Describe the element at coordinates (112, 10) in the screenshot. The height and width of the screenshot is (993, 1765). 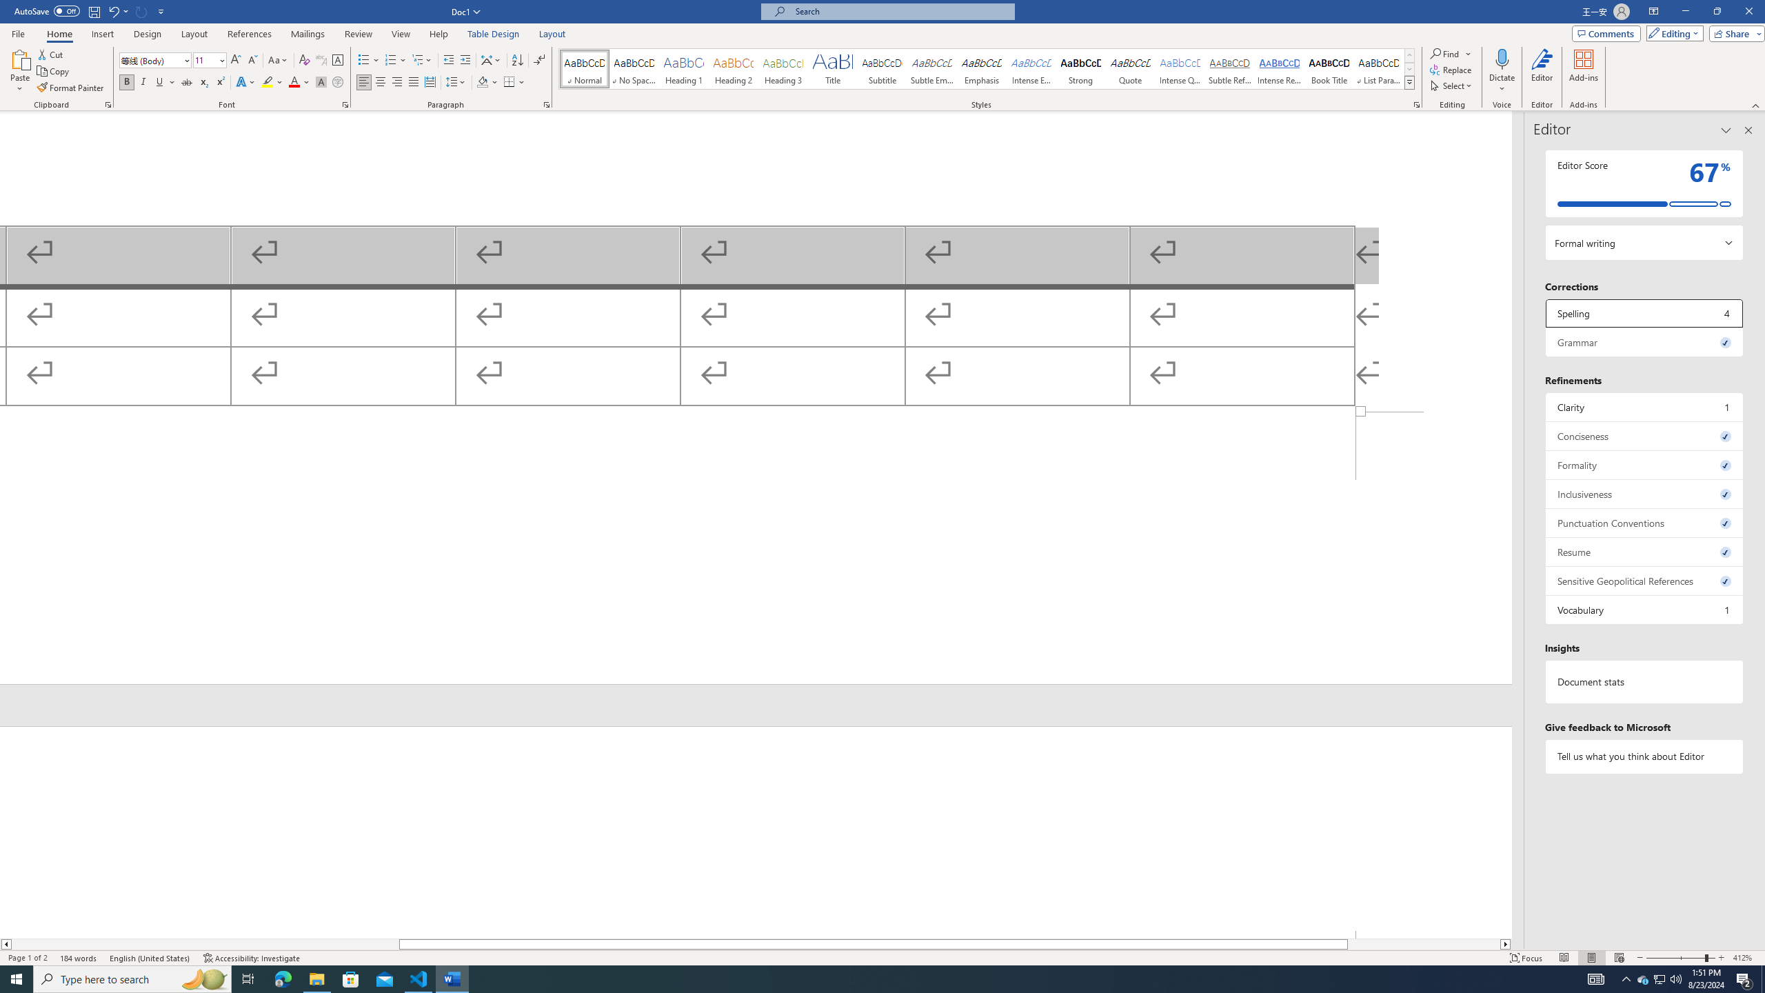
I see `'Undo Outline Move Up'` at that location.